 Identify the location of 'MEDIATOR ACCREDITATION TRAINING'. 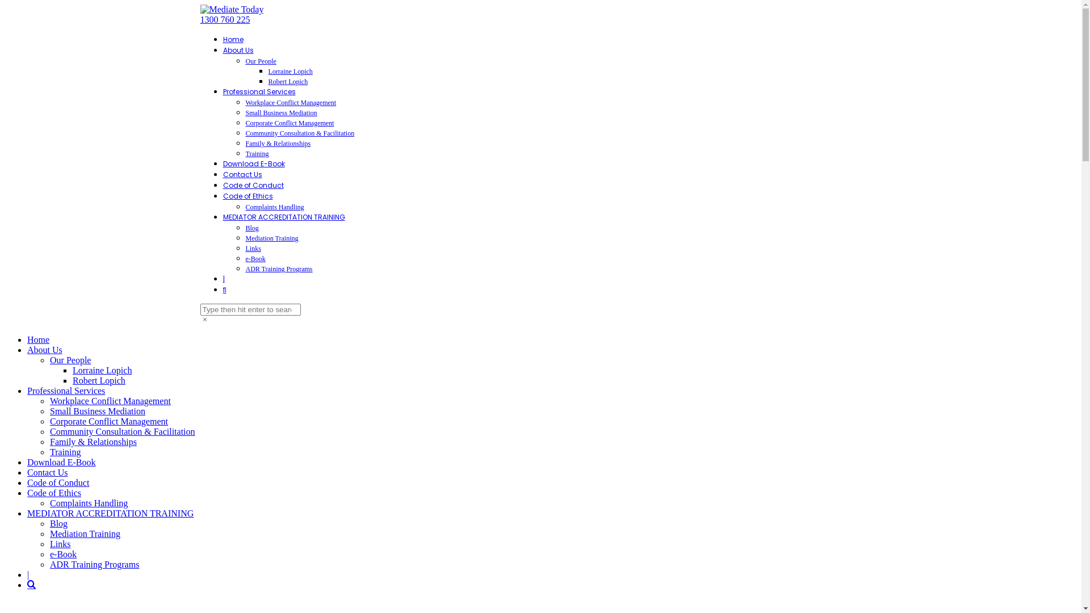
(223, 217).